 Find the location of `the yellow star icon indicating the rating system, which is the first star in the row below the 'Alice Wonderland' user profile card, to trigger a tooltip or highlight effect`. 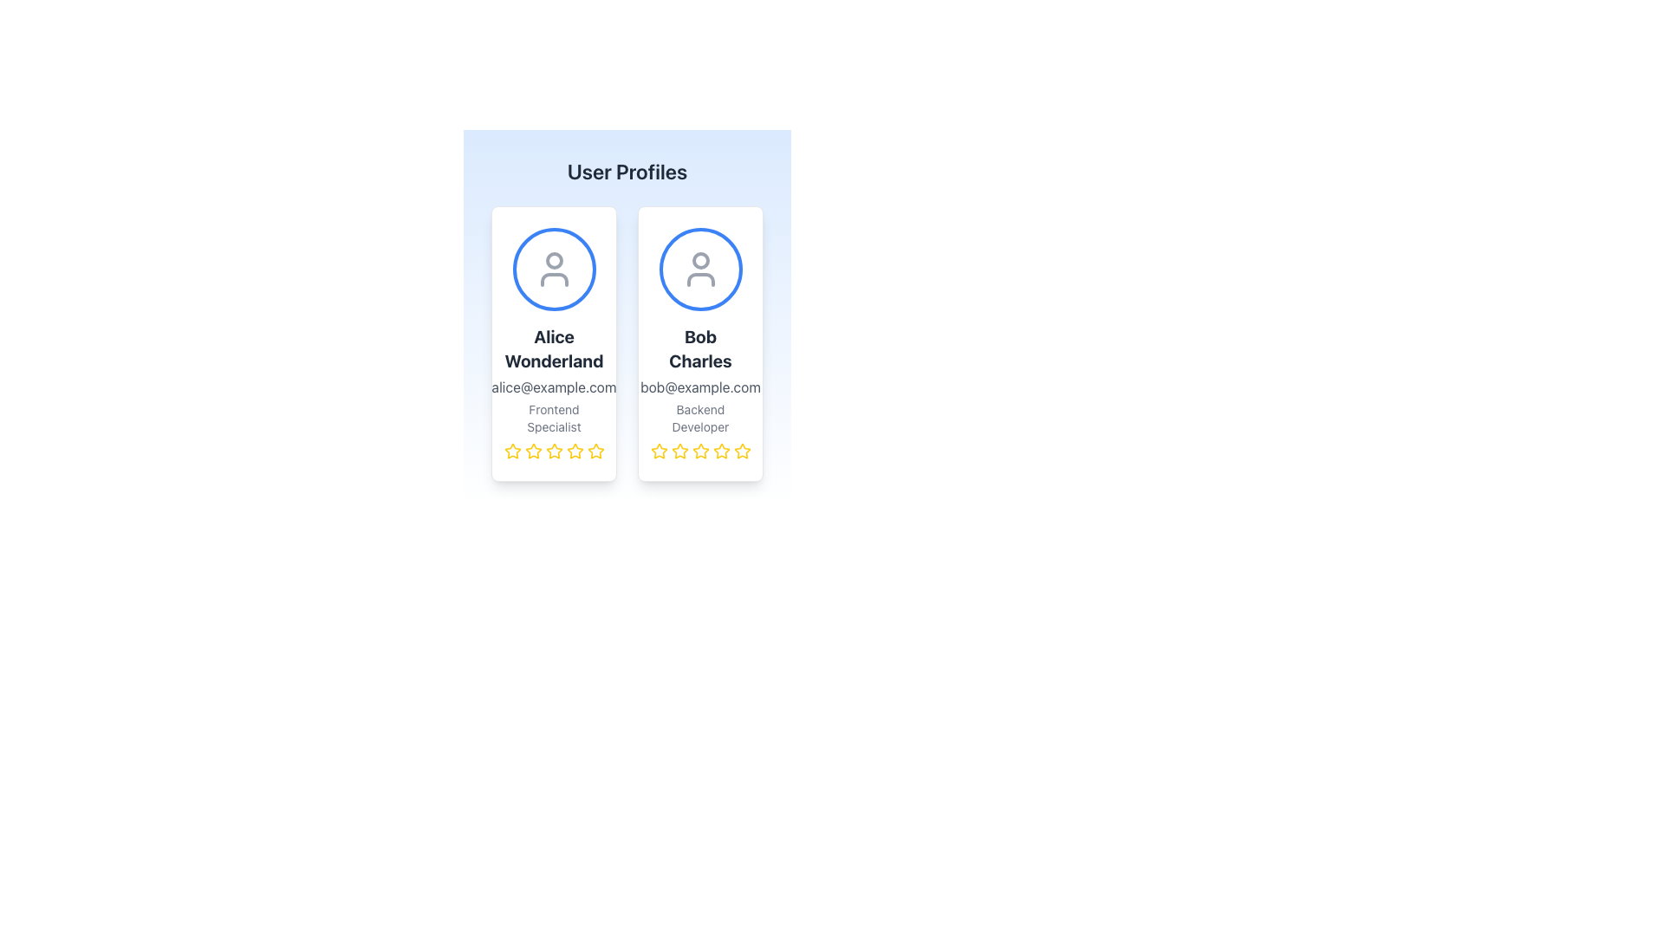

the yellow star icon indicating the rating system, which is the first star in the row below the 'Alice Wonderland' user profile card, to trigger a tooltip or highlight effect is located at coordinates (511, 450).